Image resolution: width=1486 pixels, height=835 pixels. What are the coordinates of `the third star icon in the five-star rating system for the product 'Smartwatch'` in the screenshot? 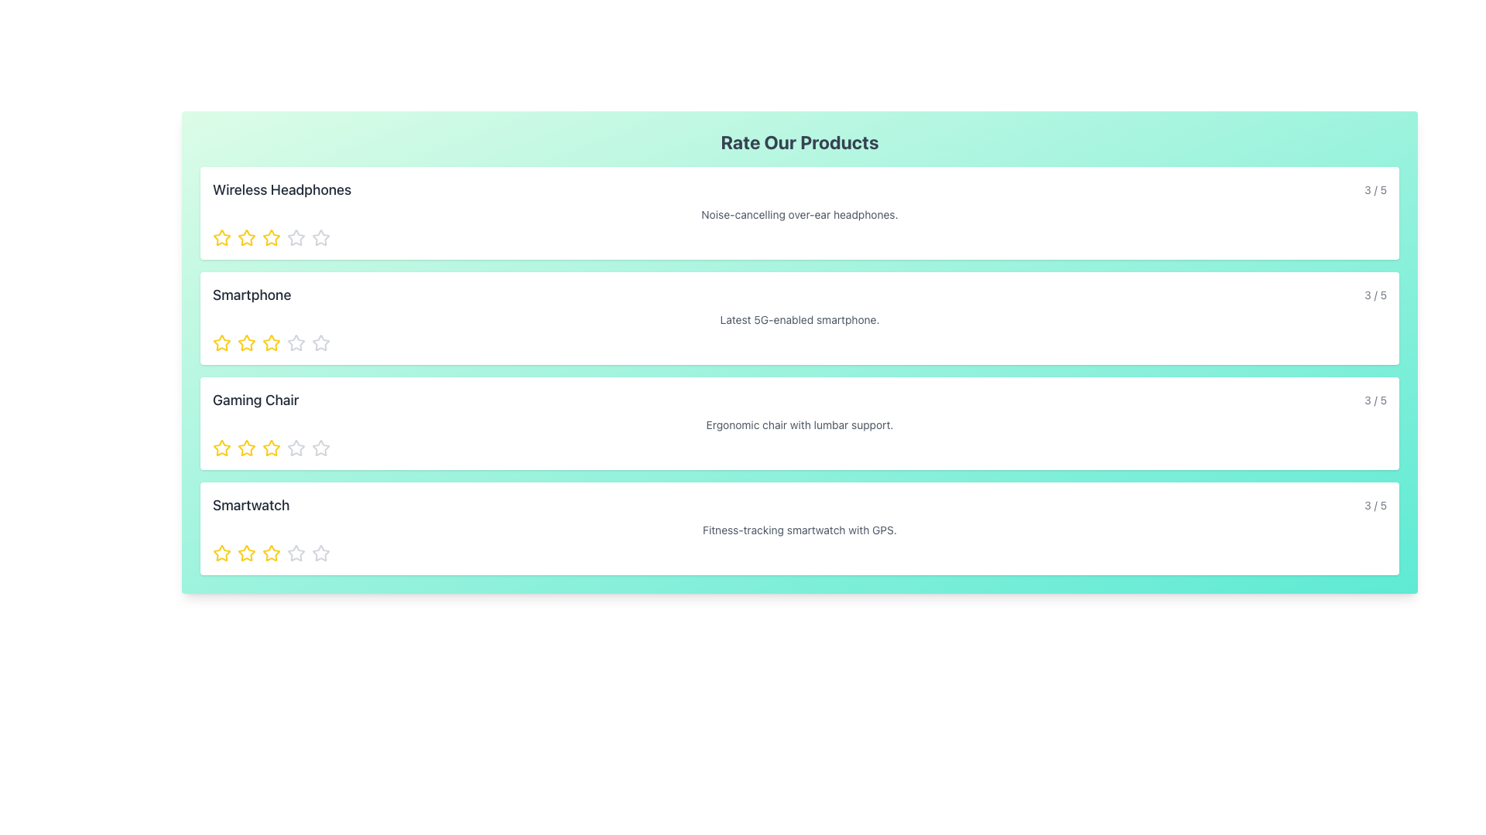 It's located at (271, 553).